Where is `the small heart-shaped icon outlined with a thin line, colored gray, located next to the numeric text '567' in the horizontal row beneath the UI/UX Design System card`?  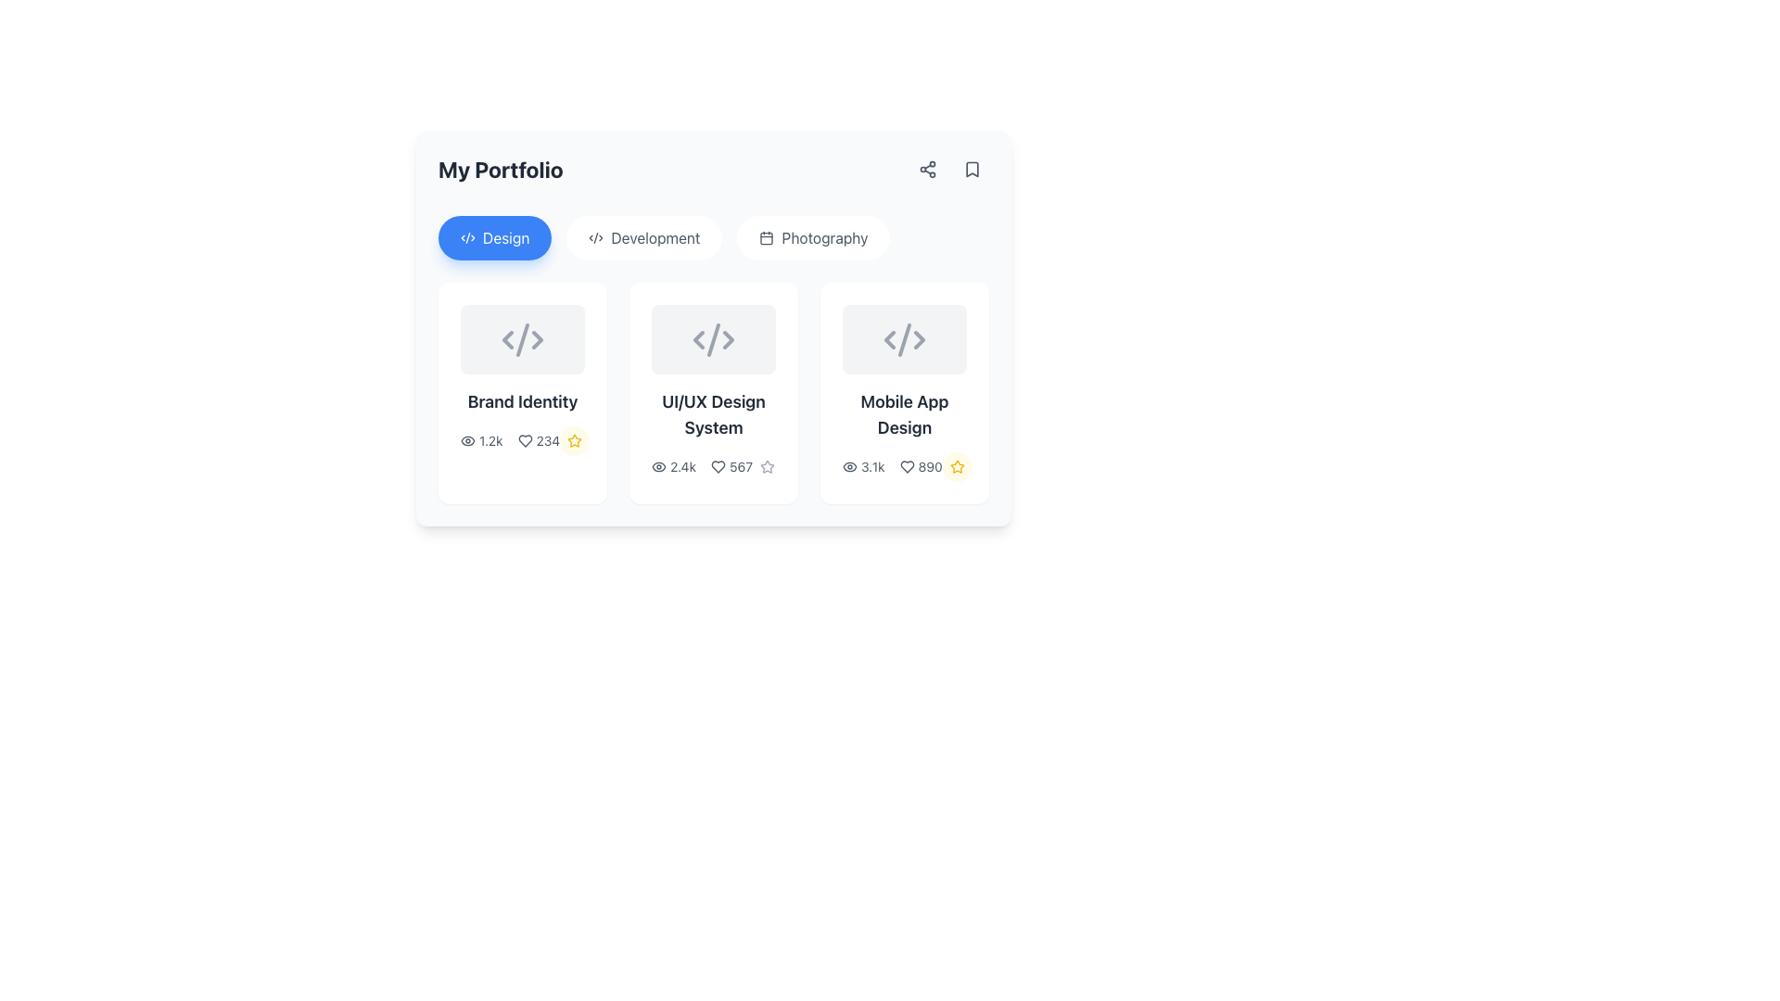 the small heart-shaped icon outlined with a thin line, colored gray, located next to the numeric text '567' in the horizontal row beneath the UI/UX Design System card is located at coordinates (718, 466).